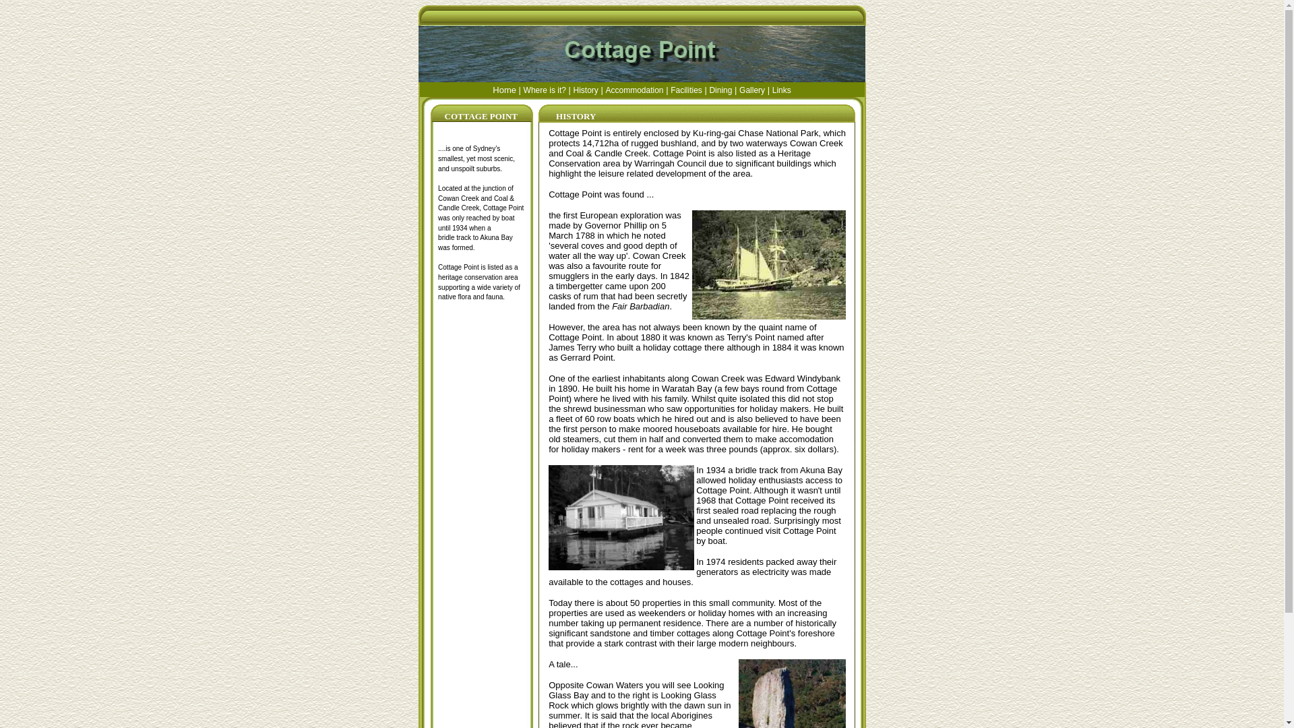 The height and width of the screenshot is (728, 1294). I want to click on 'Facilities', so click(686, 89).